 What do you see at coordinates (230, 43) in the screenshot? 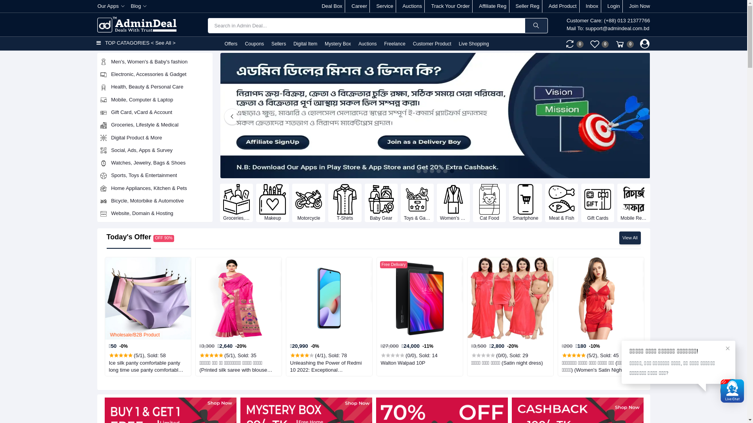
I see `'Offers'` at bounding box center [230, 43].